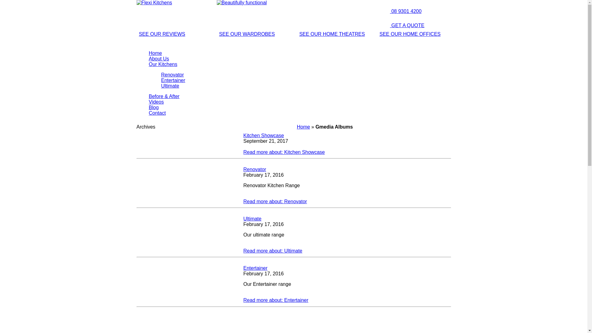  I want to click on 'Entertainer', so click(243, 268).